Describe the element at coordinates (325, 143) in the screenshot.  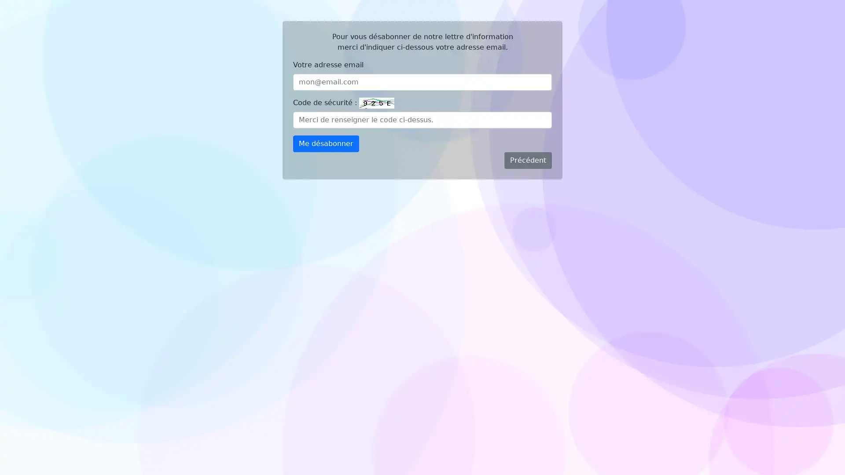
I see `Me desabonner` at that location.